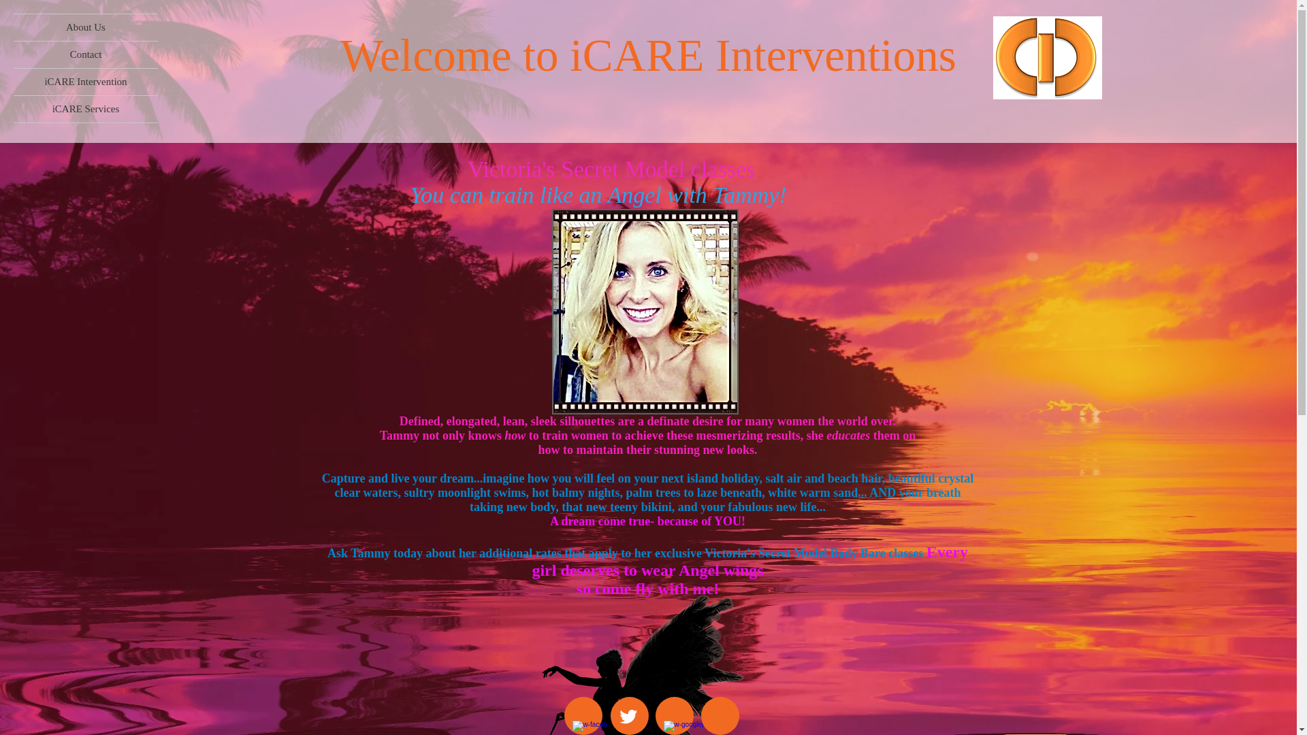 The image size is (1307, 735). I want to click on 'iCARE Intervention', so click(84, 82).